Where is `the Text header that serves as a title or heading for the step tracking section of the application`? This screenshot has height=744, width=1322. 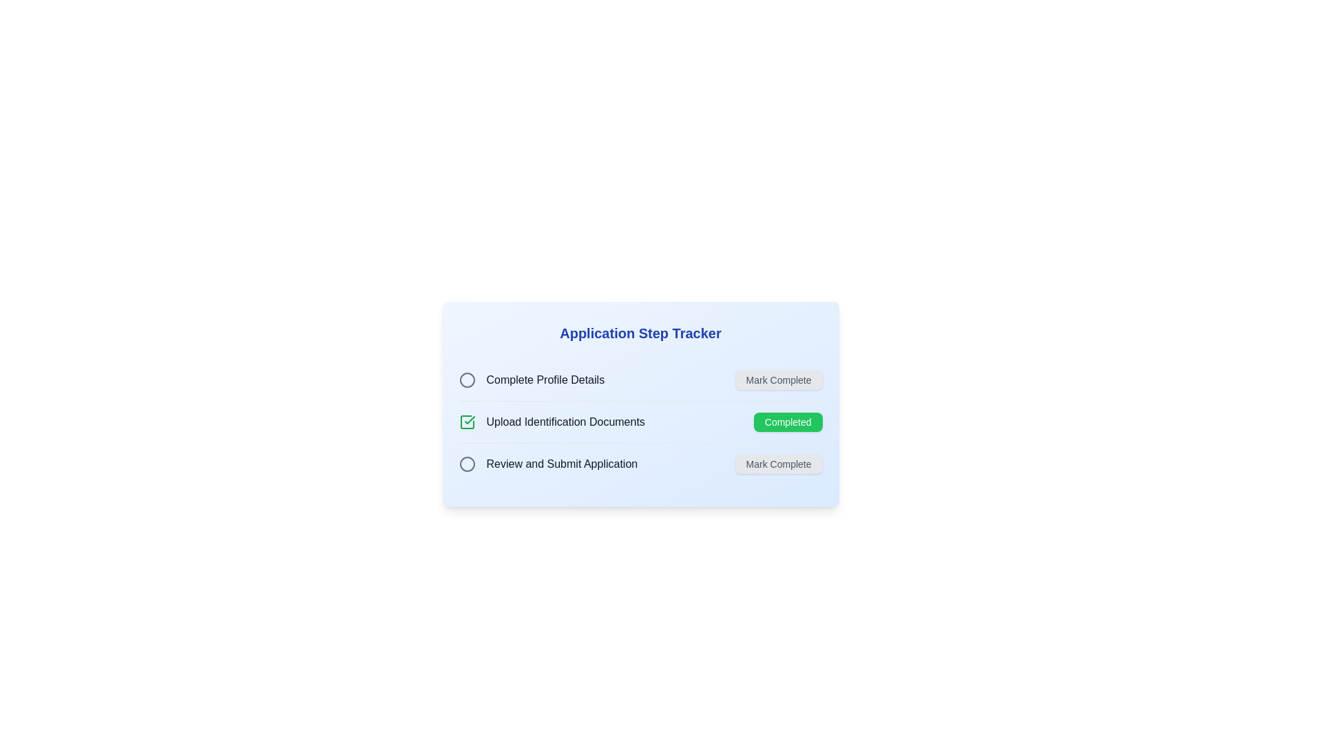
the Text header that serves as a title or heading for the step tracking section of the application is located at coordinates (640, 333).